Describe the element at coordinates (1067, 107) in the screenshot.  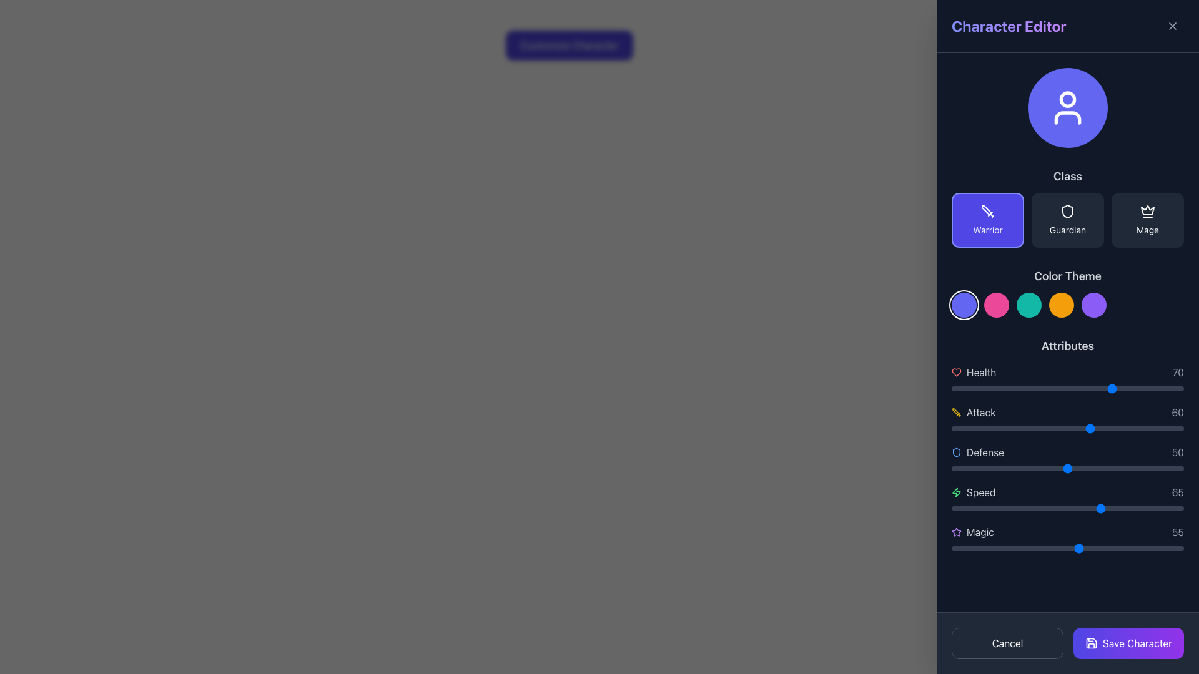
I see `the Icon or Avatar Placeholder located in the upper section of the right panel titled 'Character Editor', which is centered horizontally and positioned above the 'Class' section` at that location.